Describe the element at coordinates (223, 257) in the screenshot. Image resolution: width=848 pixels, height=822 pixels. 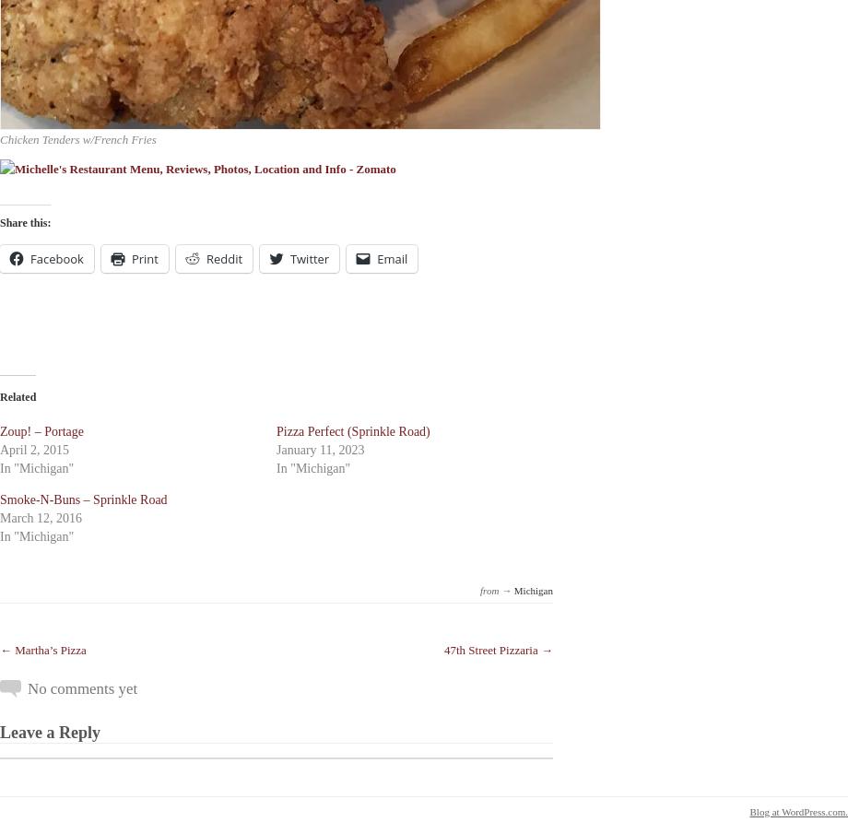
I see `'Reddit'` at that location.